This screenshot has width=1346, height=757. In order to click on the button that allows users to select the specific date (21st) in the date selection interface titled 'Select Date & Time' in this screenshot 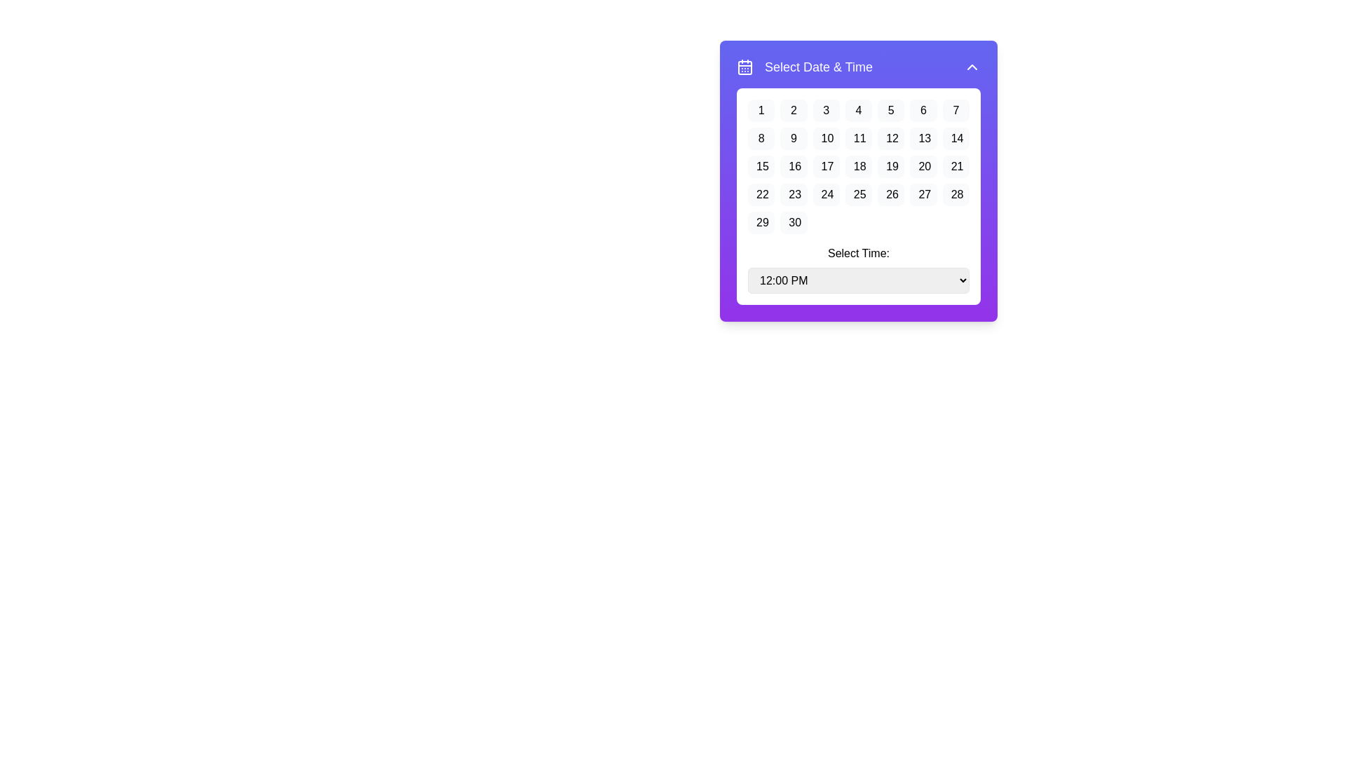, I will do `click(955, 166)`.